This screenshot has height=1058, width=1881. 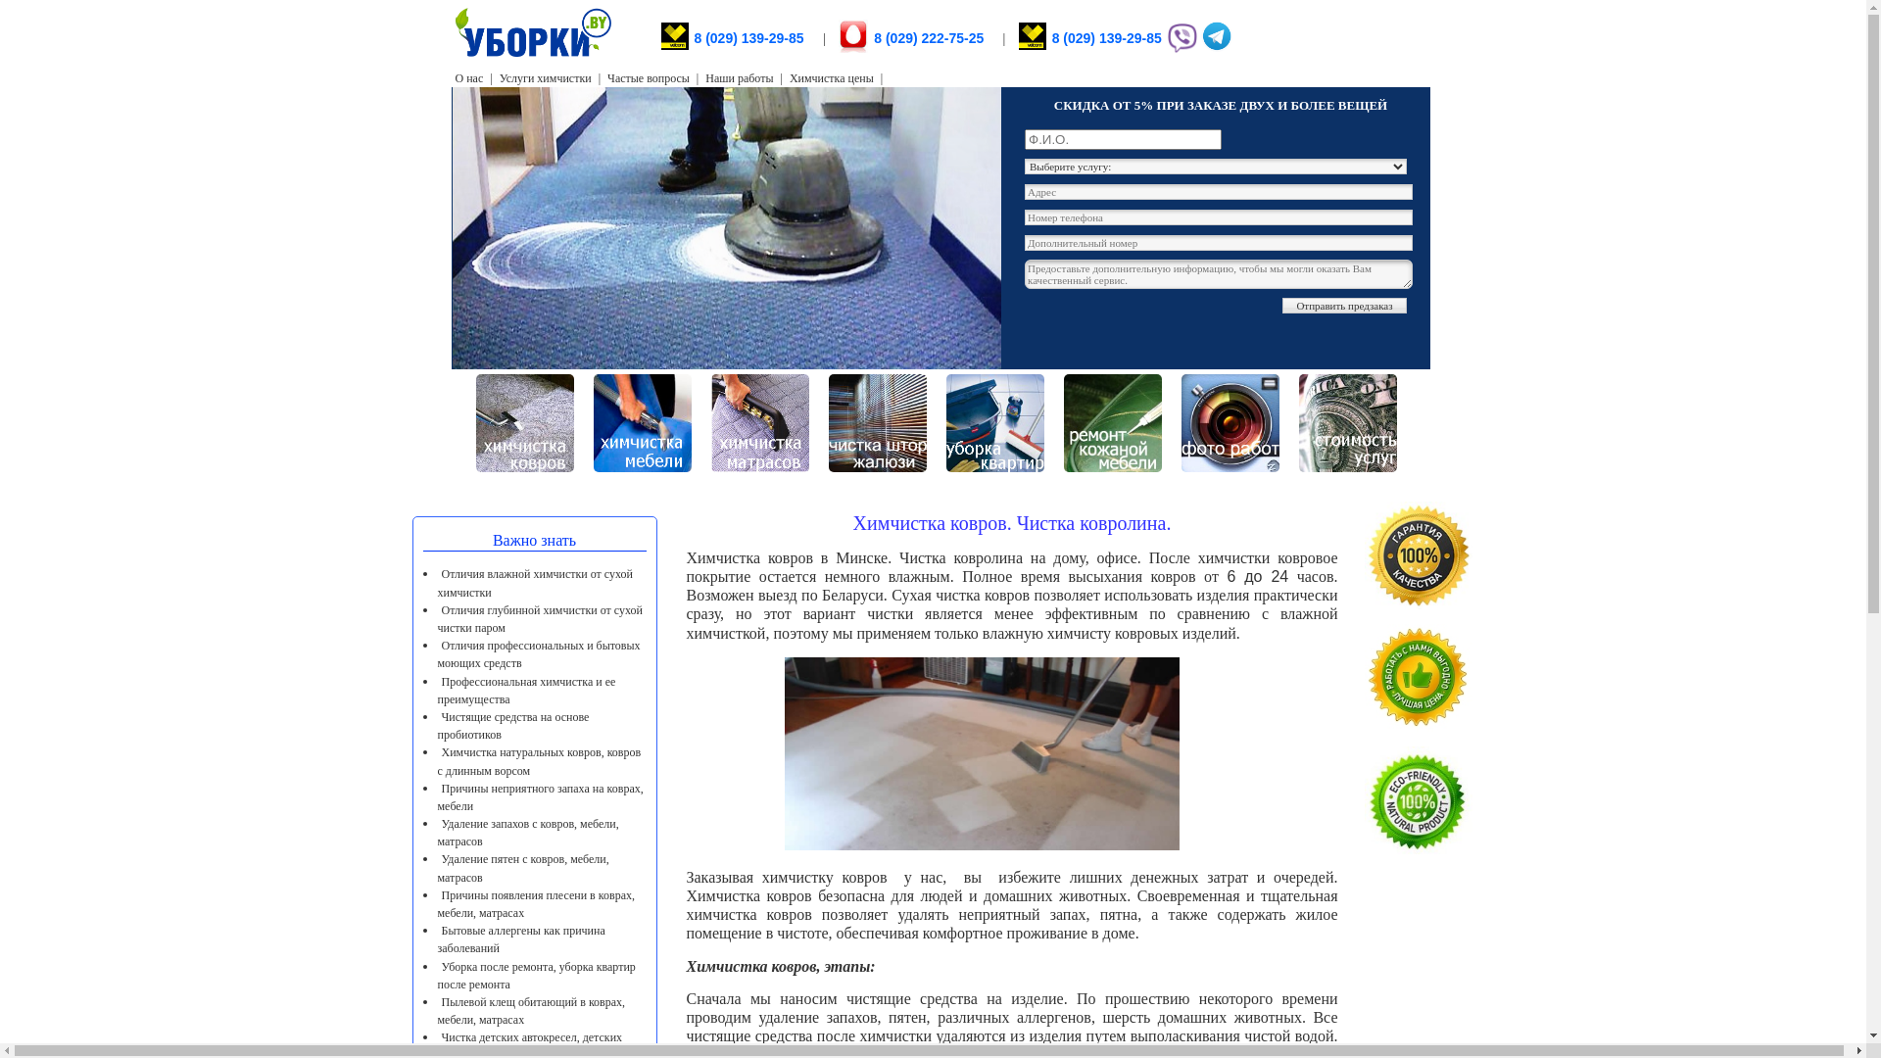 What do you see at coordinates (659, 36) in the screenshot?
I see `'8 (029) 139-29-85 '` at bounding box center [659, 36].